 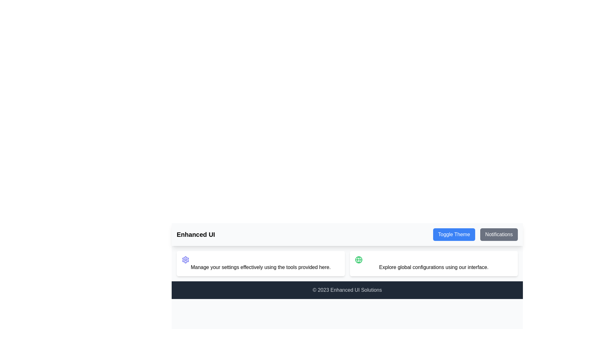 What do you see at coordinates (261, 267) in the screenshot?
I see `the text element that reads 'Manage your settings effectively using the tools provided here.' It is displayed in a standard sans-serif font within a white panel, located centrally below the main header` at bounding box center [261, 267].